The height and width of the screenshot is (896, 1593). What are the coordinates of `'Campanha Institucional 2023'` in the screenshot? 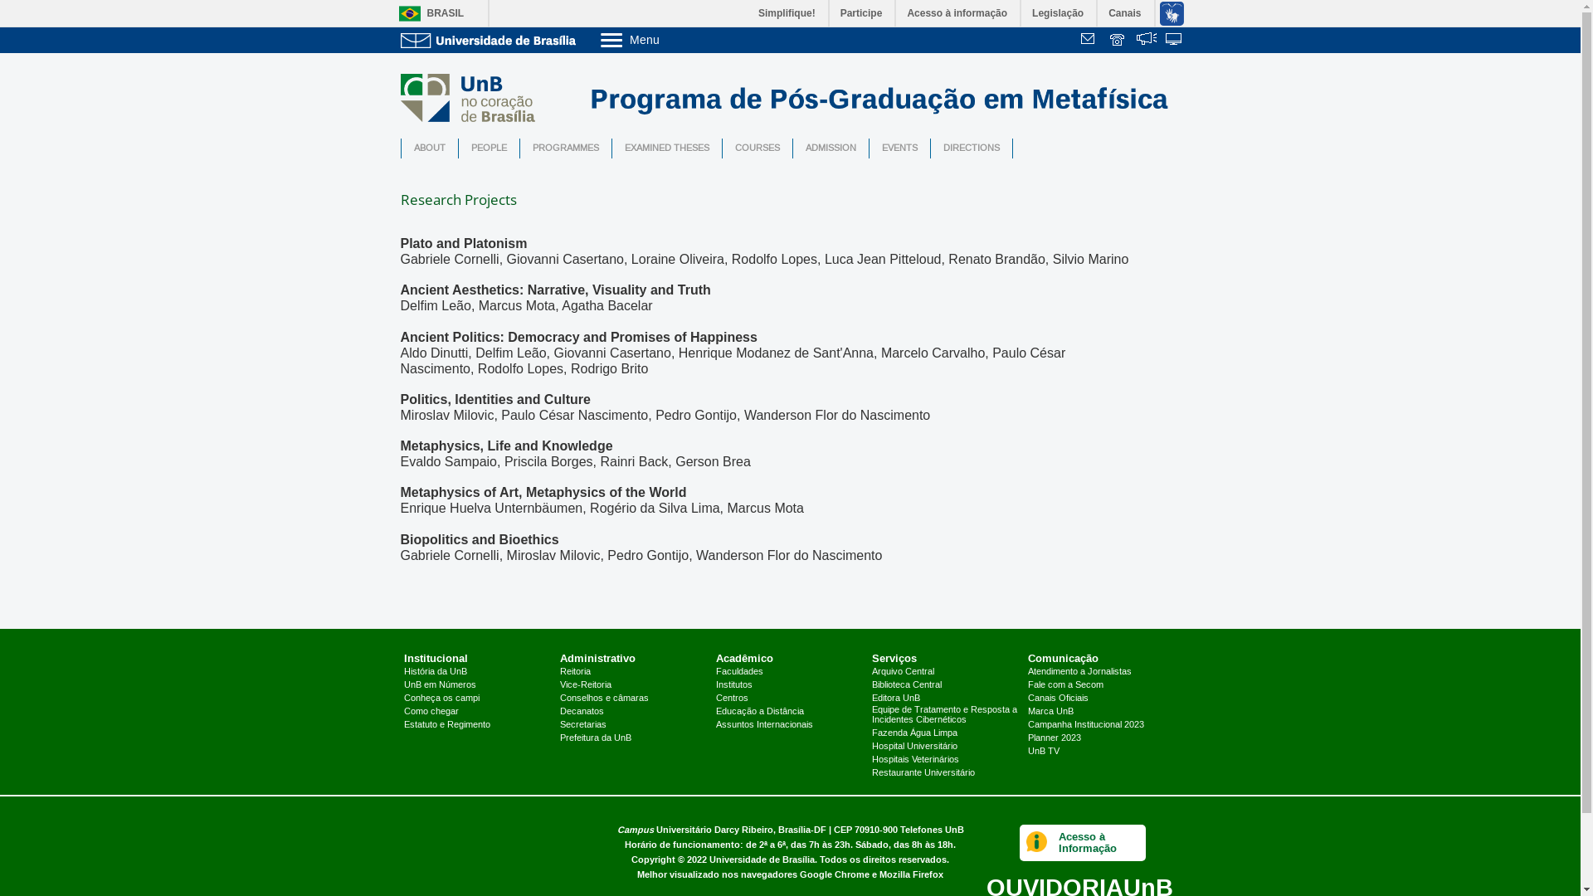 It's located at (1086, 724).